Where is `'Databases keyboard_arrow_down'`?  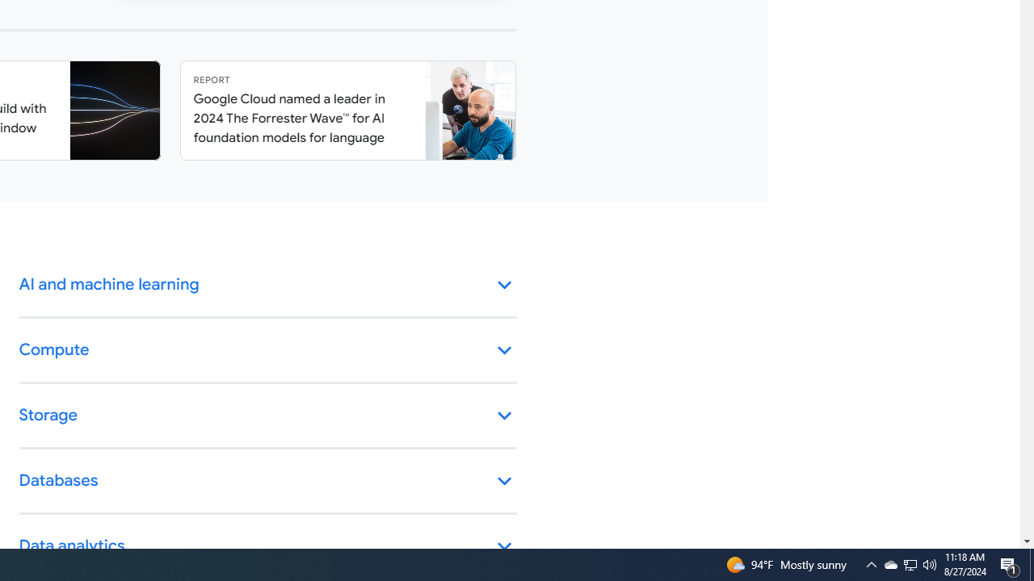 'Databases keyboard_arrow_down' is located at coordinates (267, 480).